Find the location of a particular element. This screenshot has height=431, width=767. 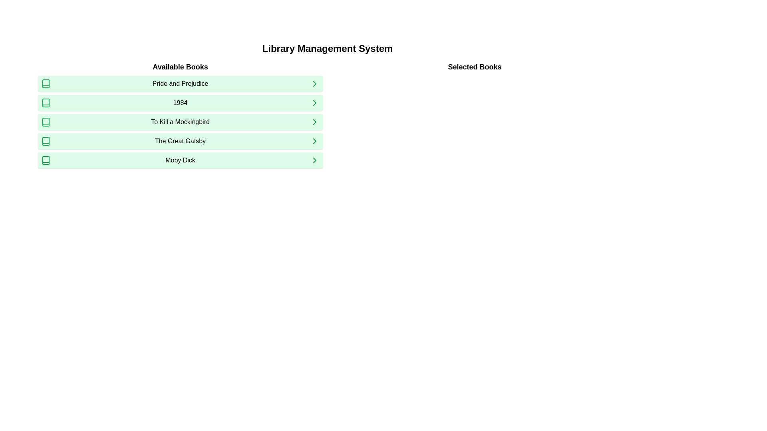

the book title '1984' in the 'Available Books' list to enable further actions related to it is located at coordinates (180, 103).